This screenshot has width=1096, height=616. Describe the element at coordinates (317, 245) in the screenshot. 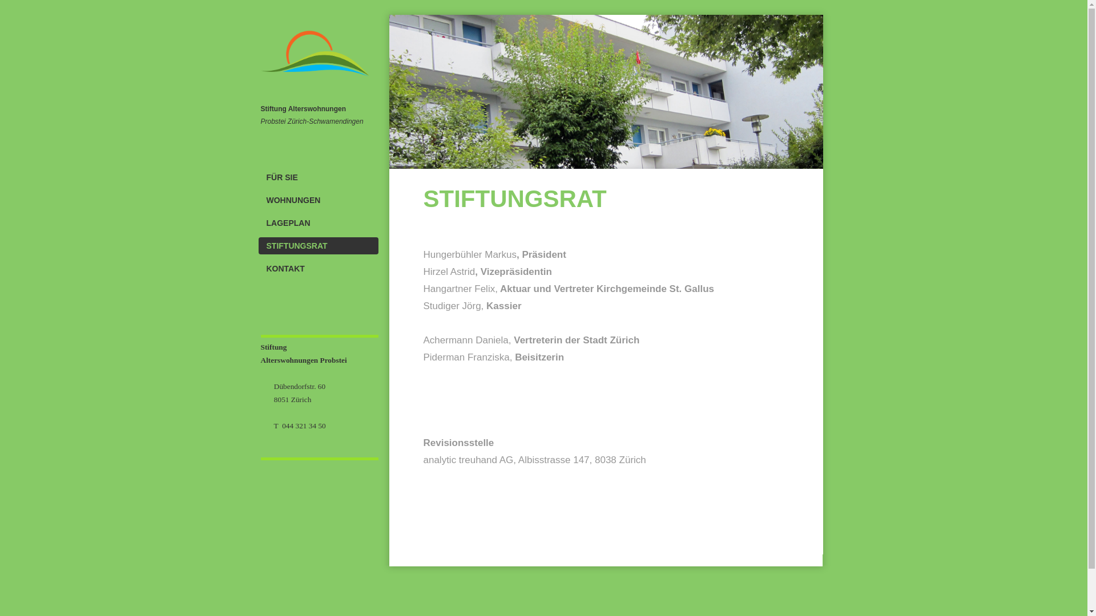

I see `'STIFTUNGSRAT'` at that location.